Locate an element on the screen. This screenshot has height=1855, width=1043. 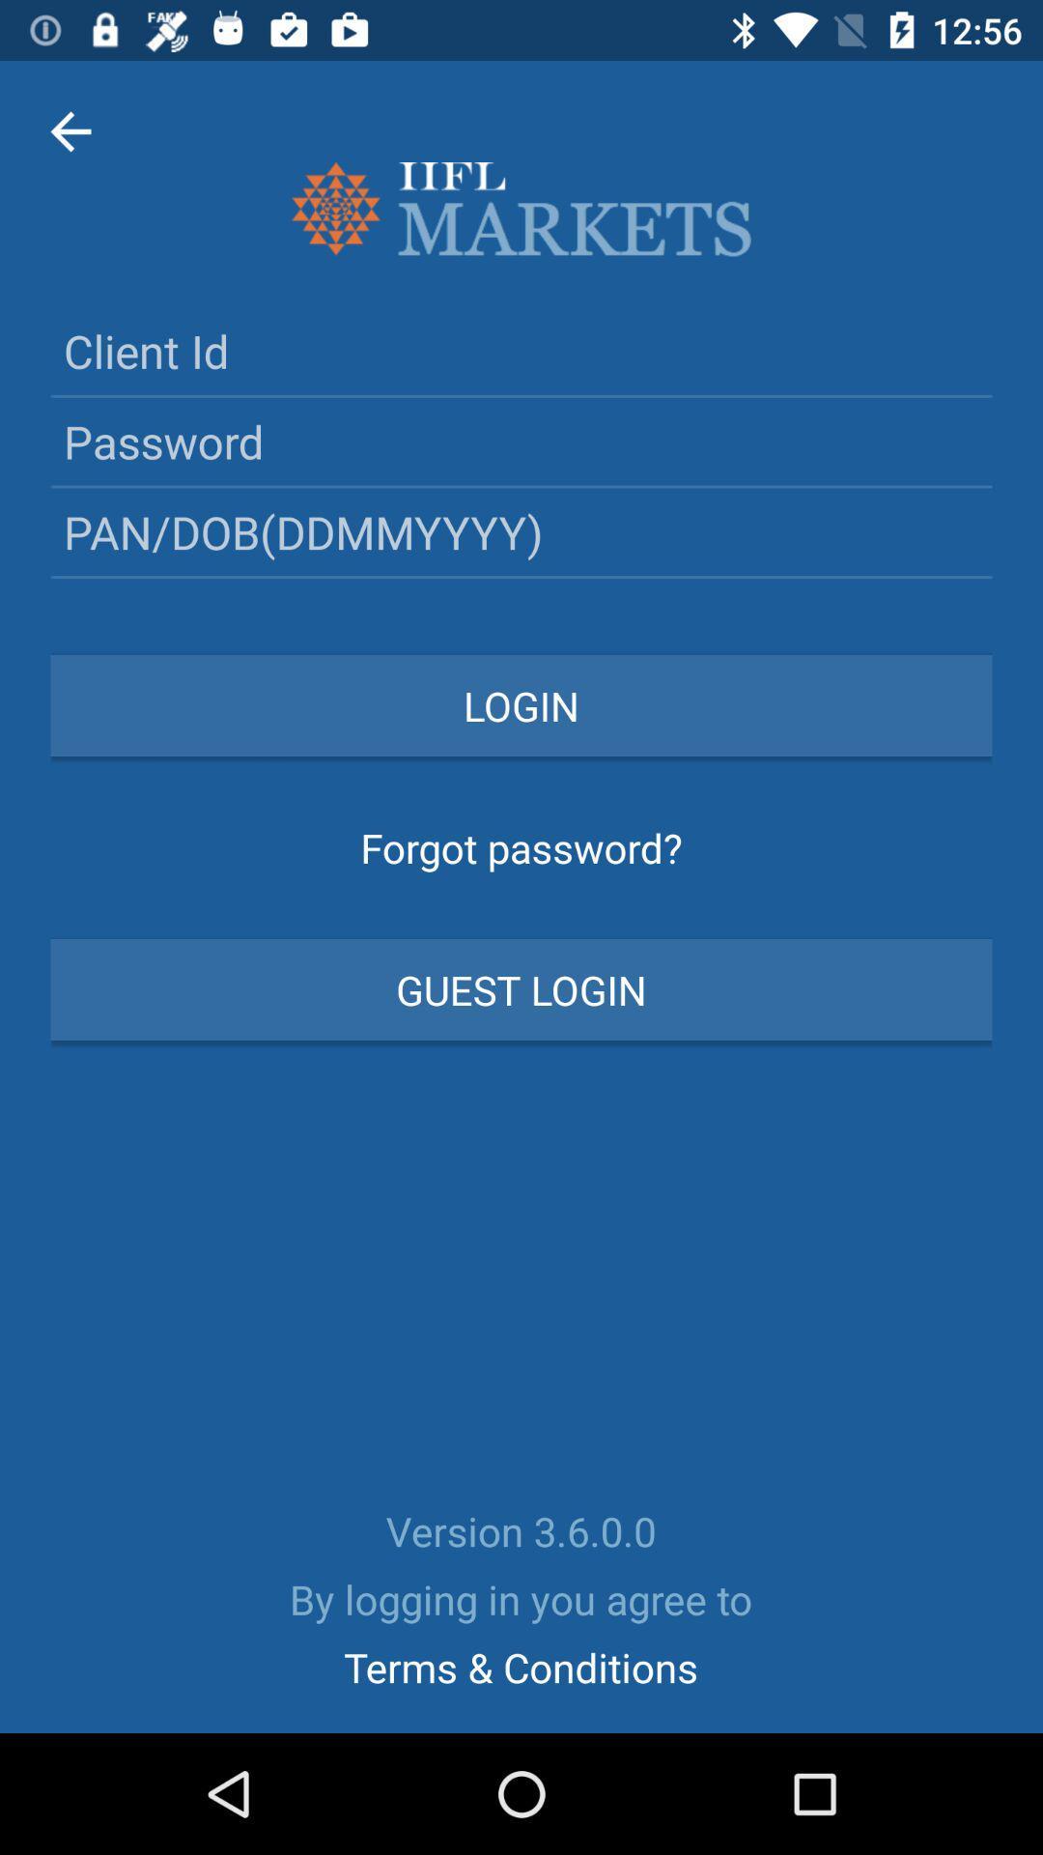
client id is located at coordinates (521, 351).